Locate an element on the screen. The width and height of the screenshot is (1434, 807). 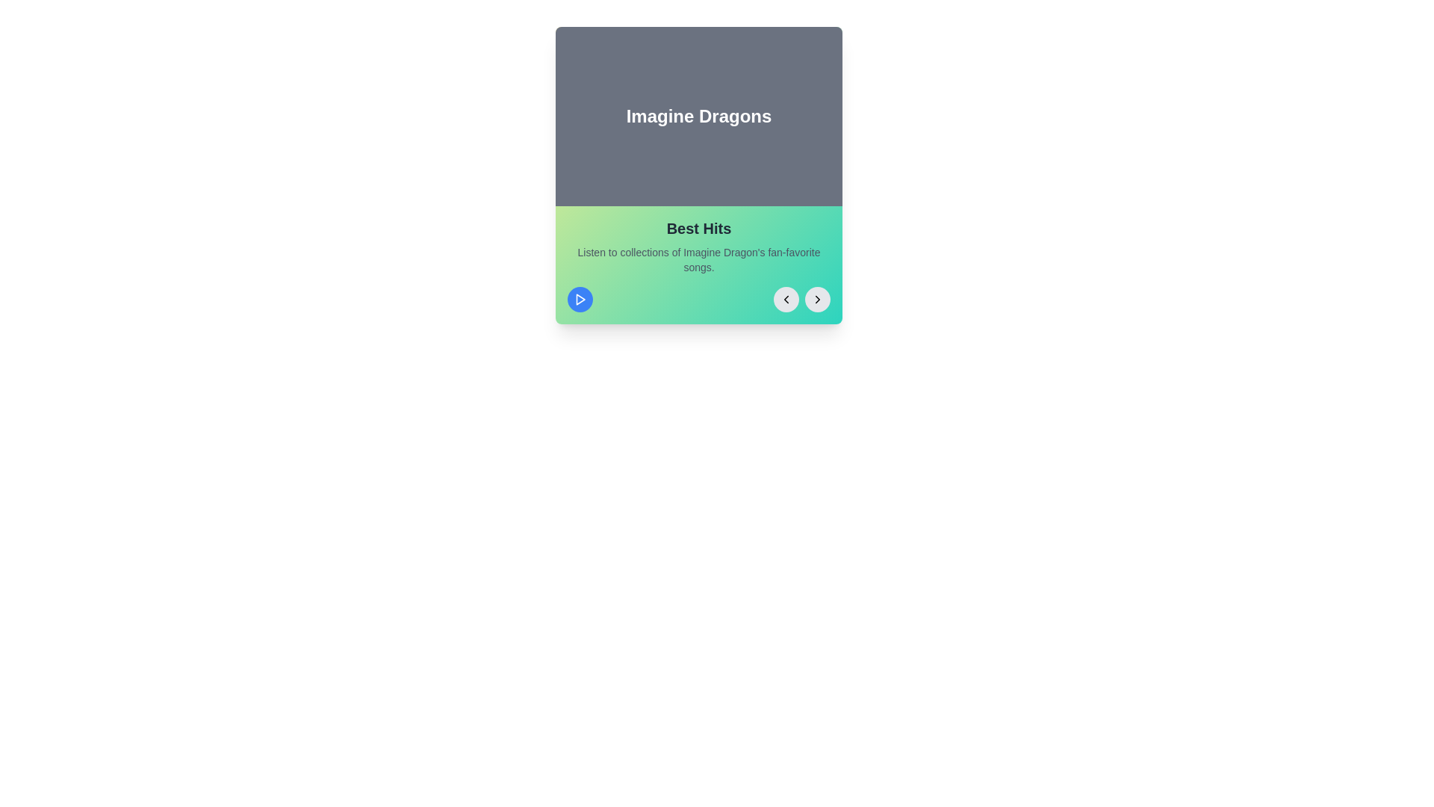
the play icon within the circular button located in the bottom left corner of the 'Imagine Dragons' card is located at coordinates (580, 300).